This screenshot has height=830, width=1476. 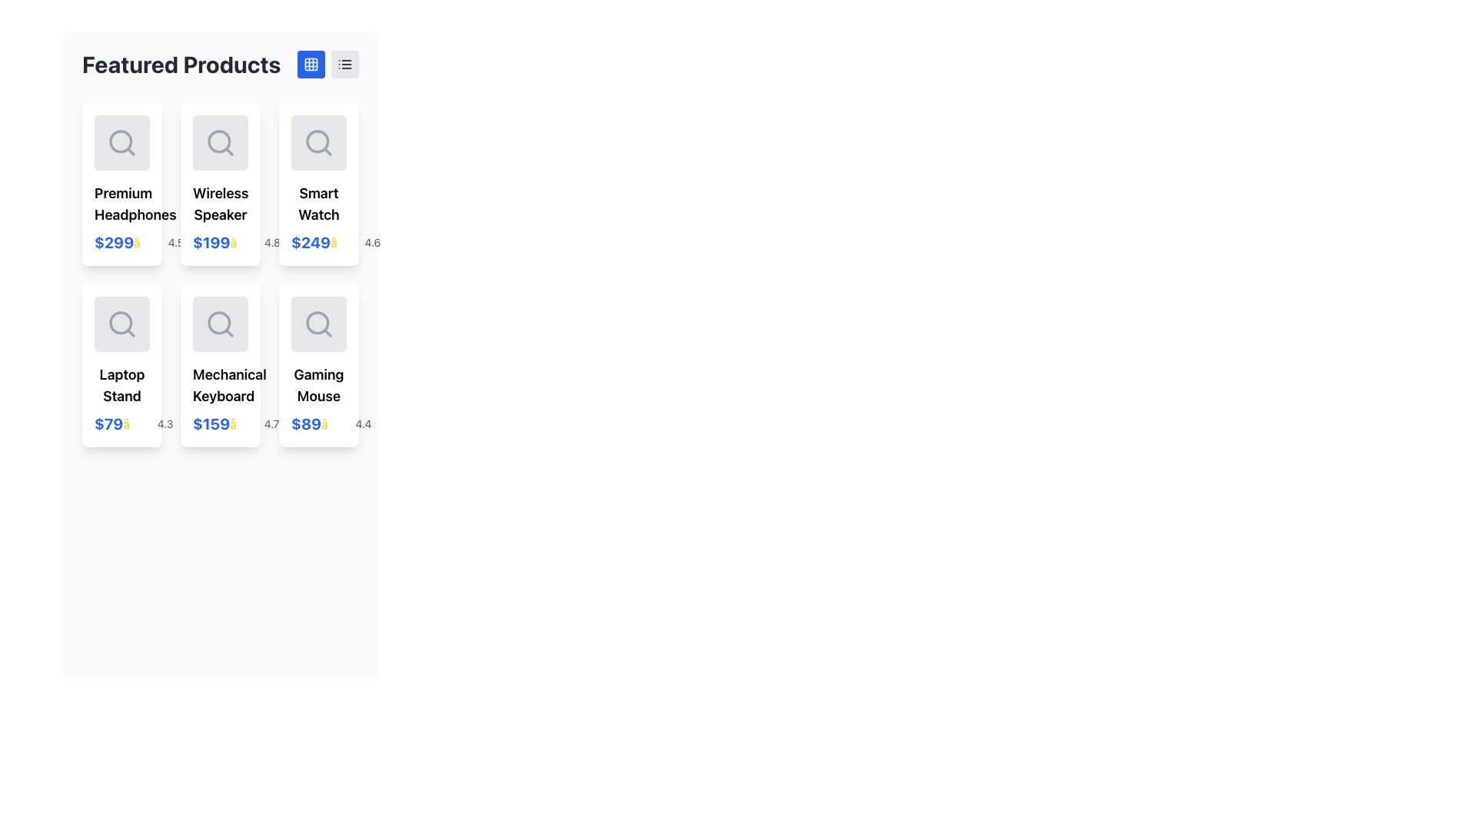 I want to click on the text display showing the rating '4.4' in gray color, located to the right of the yellow star icon on the 'Gaming Mouse' product card, so click(x=363, y=423).